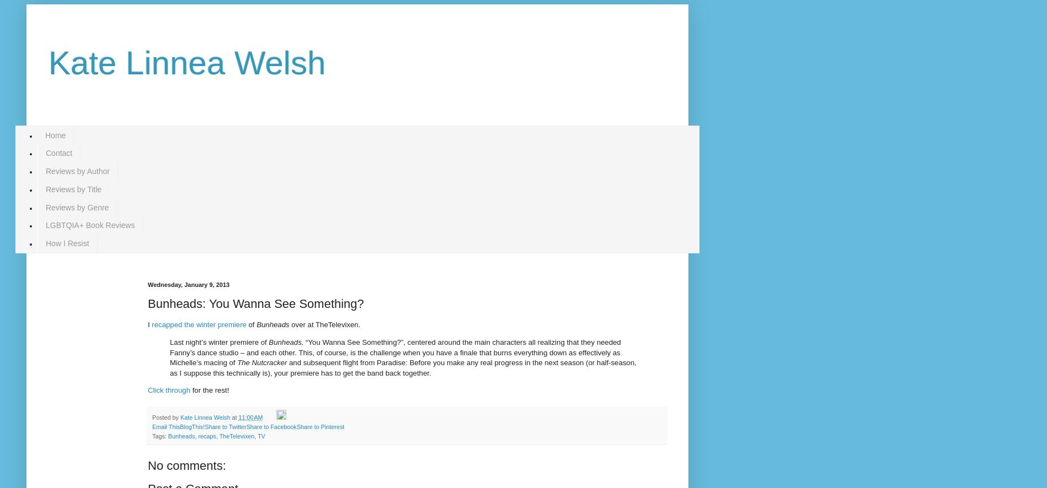 The width and height of the screenshot is (1047, 488). Describe the element at coordinates (165, 426) in the screenshot. I see `'Email This'` at that location.